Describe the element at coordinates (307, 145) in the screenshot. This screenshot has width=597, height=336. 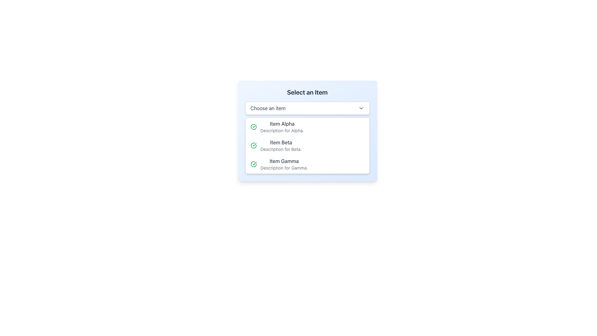
I see `the second selectable list item which displays details about 'Item Beta'` at that location.